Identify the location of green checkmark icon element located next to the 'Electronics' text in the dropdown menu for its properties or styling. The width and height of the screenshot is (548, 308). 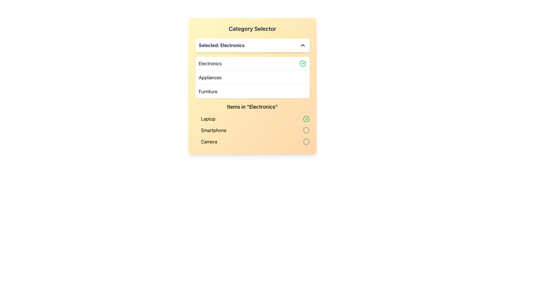
(307, 117).